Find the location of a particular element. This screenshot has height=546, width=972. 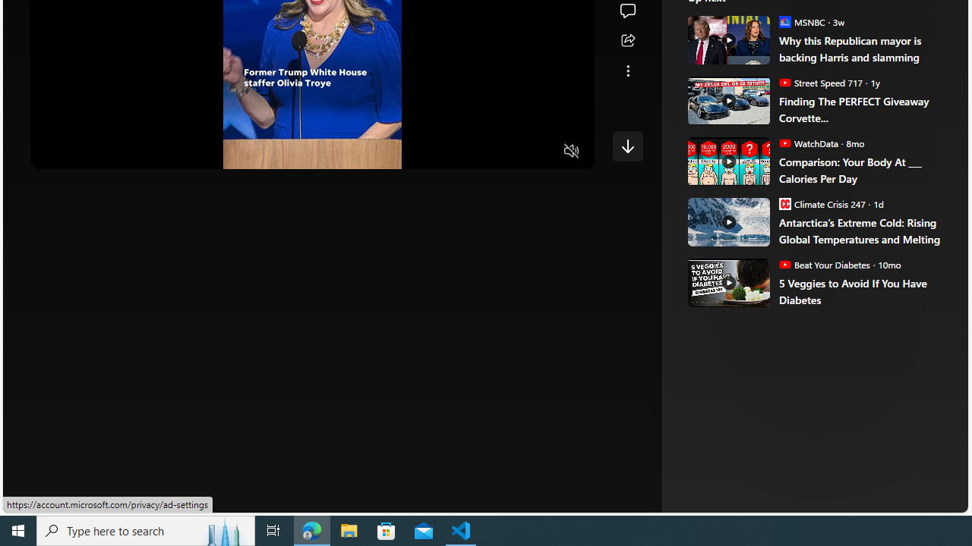

'Beat Your Diabetes' is located at coordinates (784, 263).